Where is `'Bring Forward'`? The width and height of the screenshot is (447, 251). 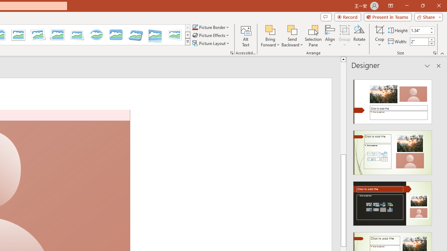 'Bring Forward' is located at coordinates (270, 36).